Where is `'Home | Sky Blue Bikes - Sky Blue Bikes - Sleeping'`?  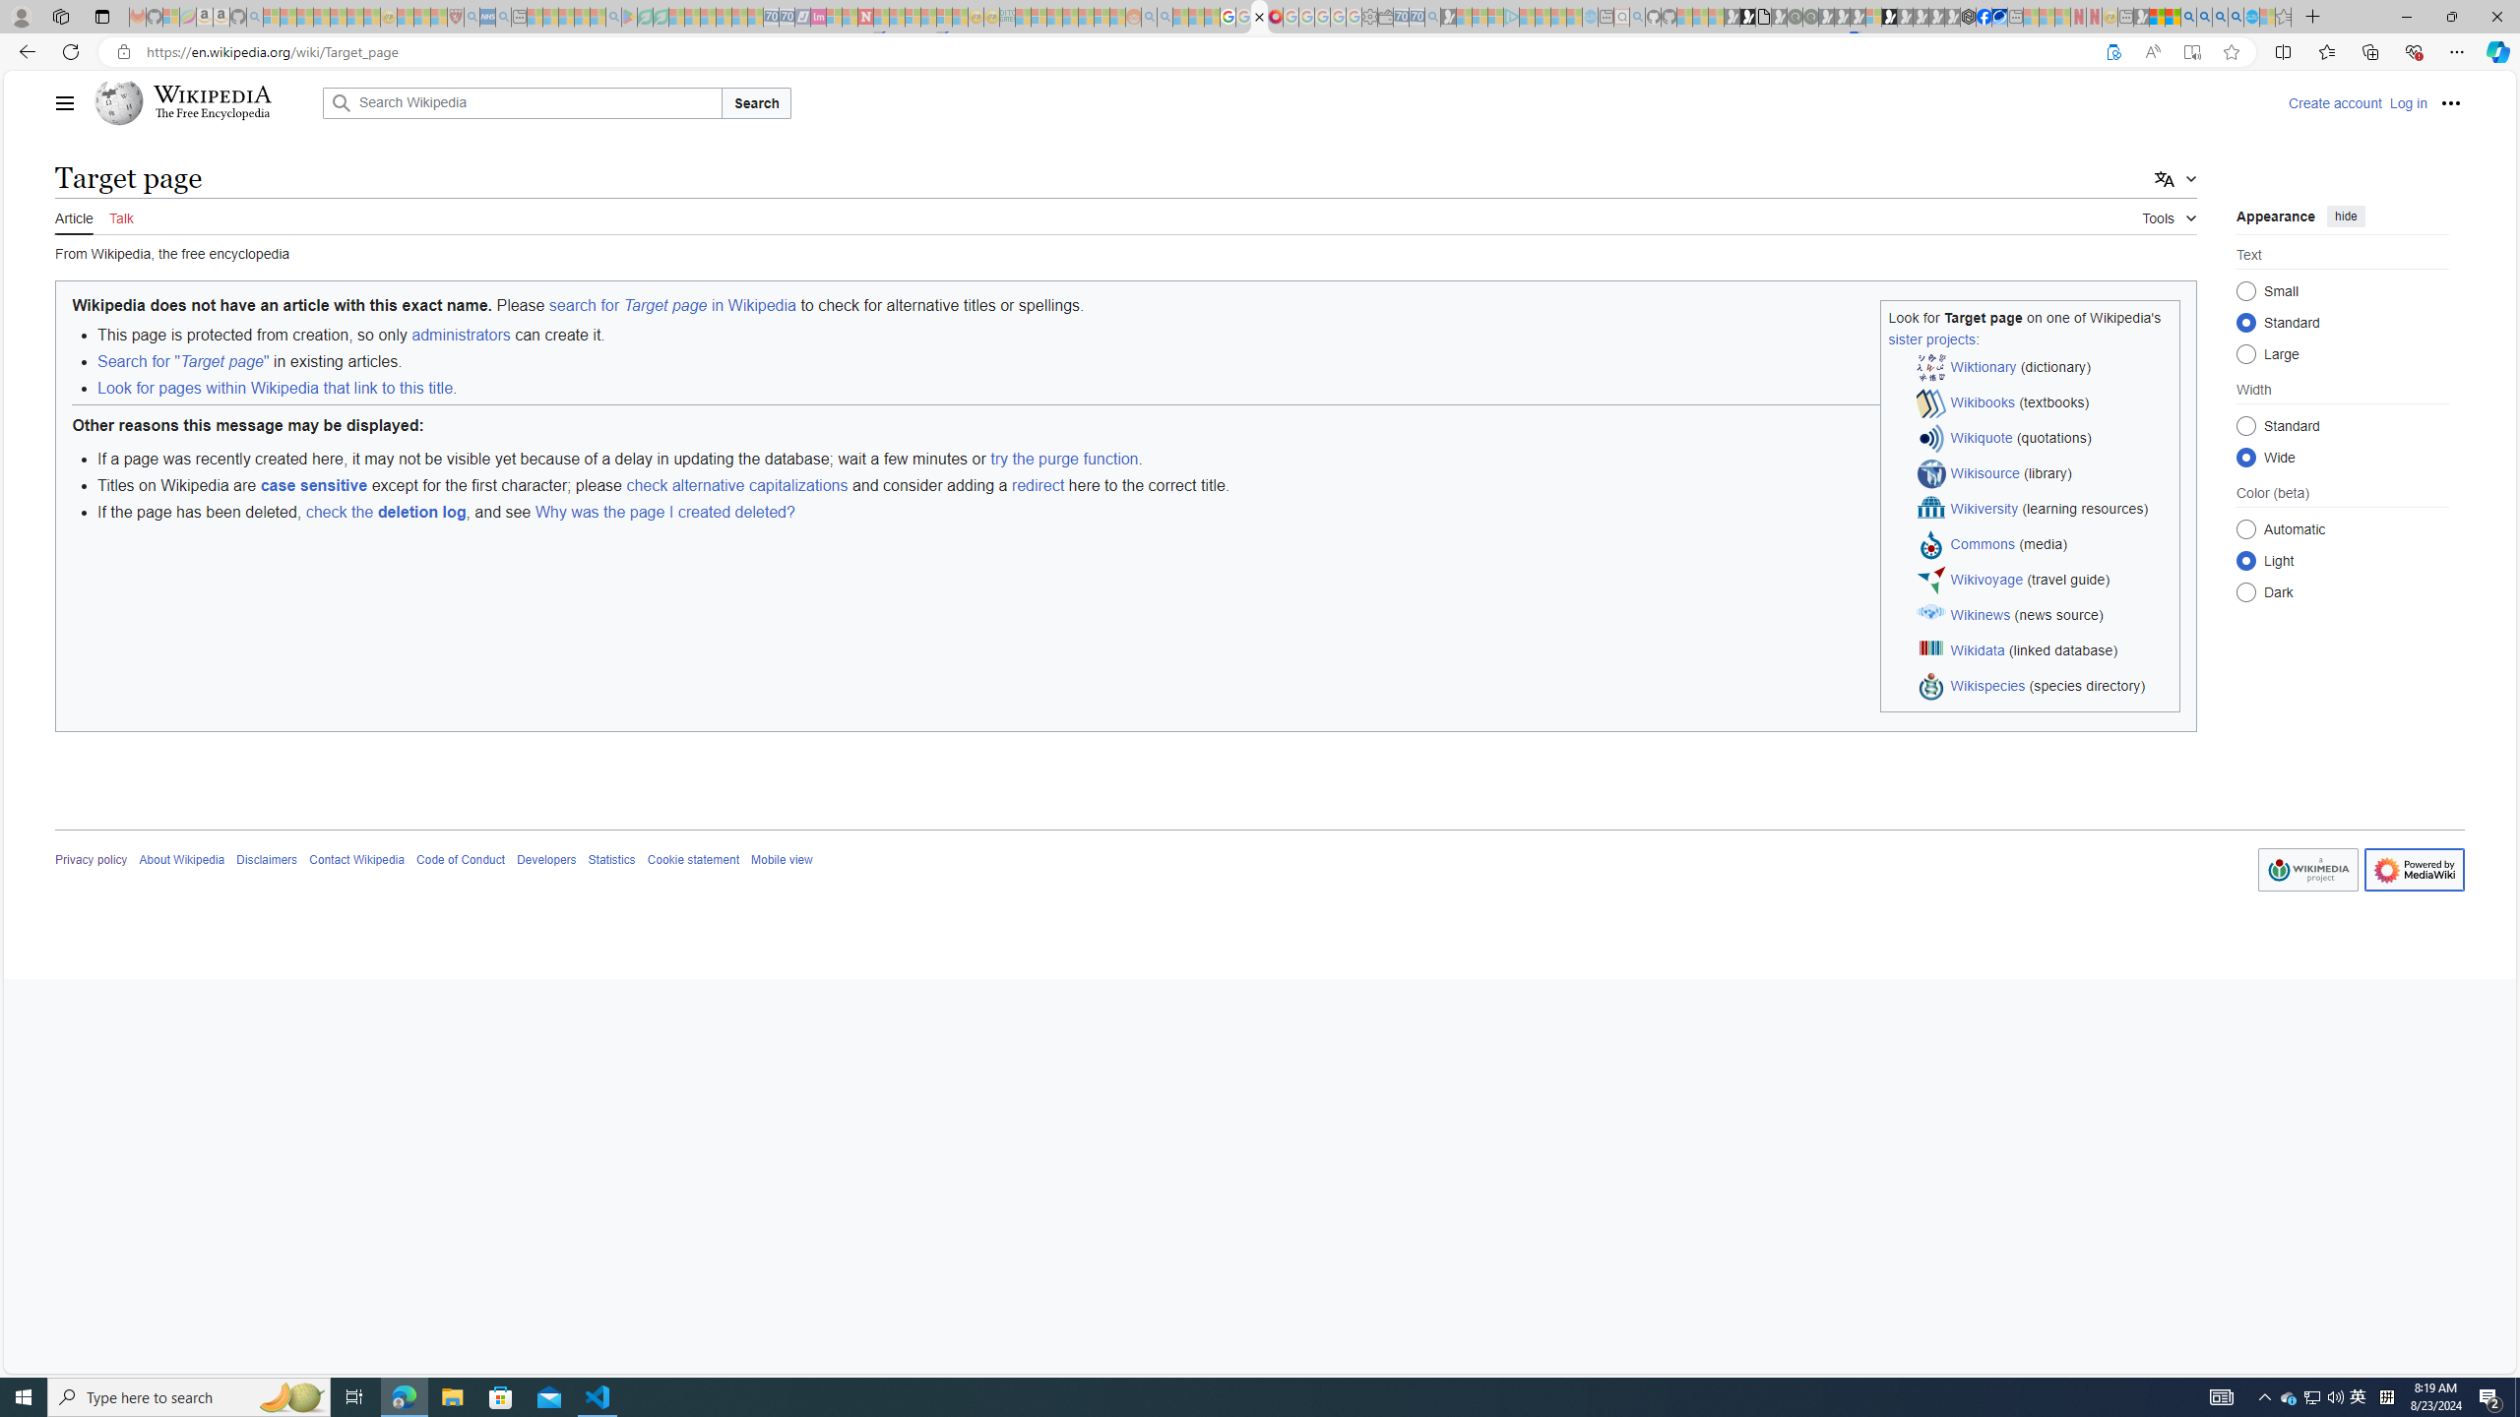 'Home | Sky Blue Bikes - Sky Blue Bikes - Sleeping' is located at coordinates (1590, 16).